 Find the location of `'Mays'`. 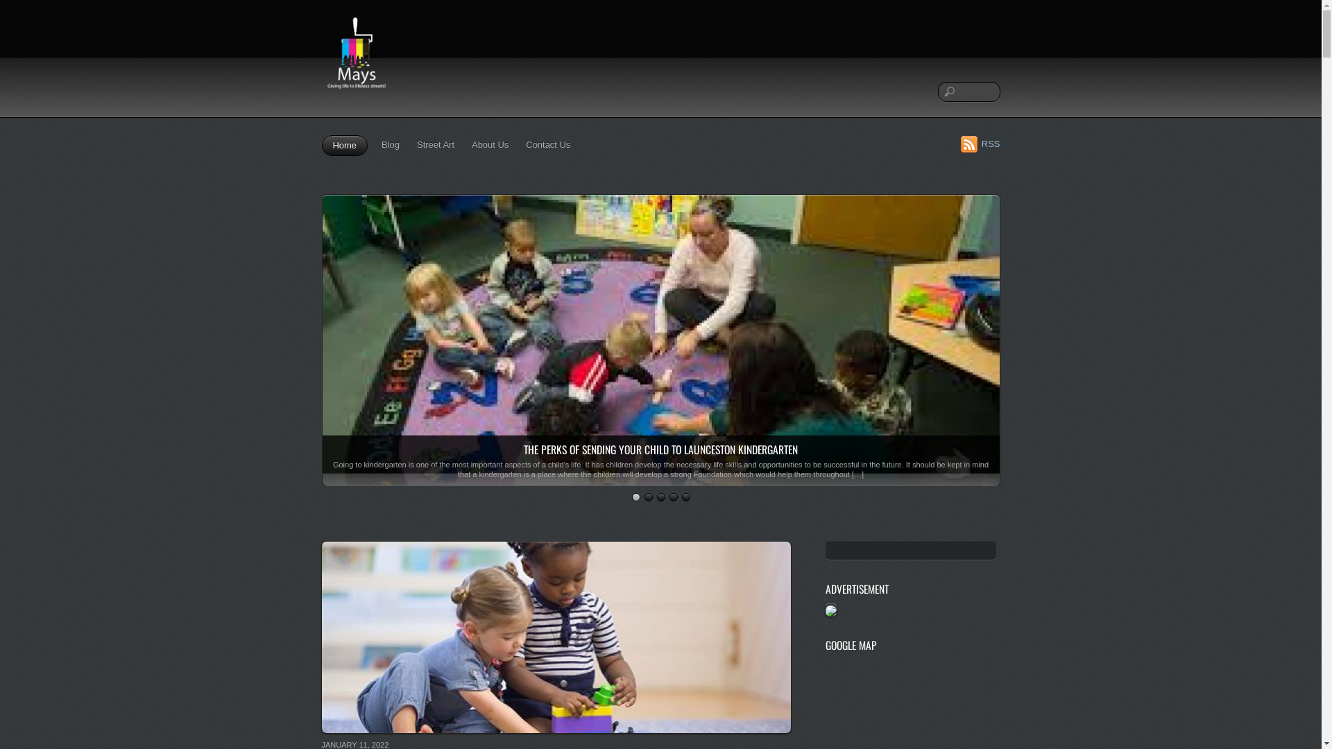

'Mays' is located at coordinates (356, 58).